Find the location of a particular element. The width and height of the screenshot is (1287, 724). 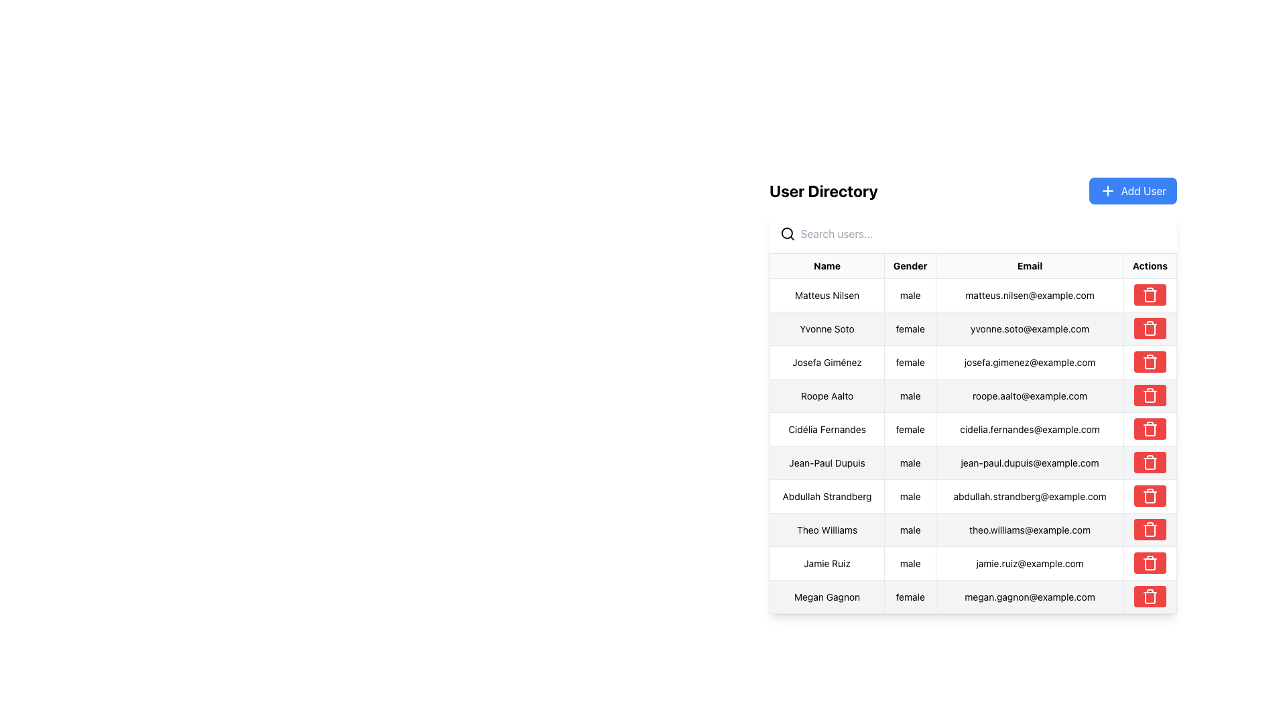

the text 'Yvonne Soto' in the second row of the 'User Directory' table, located in the Name column is located at coordinates (826, 328).